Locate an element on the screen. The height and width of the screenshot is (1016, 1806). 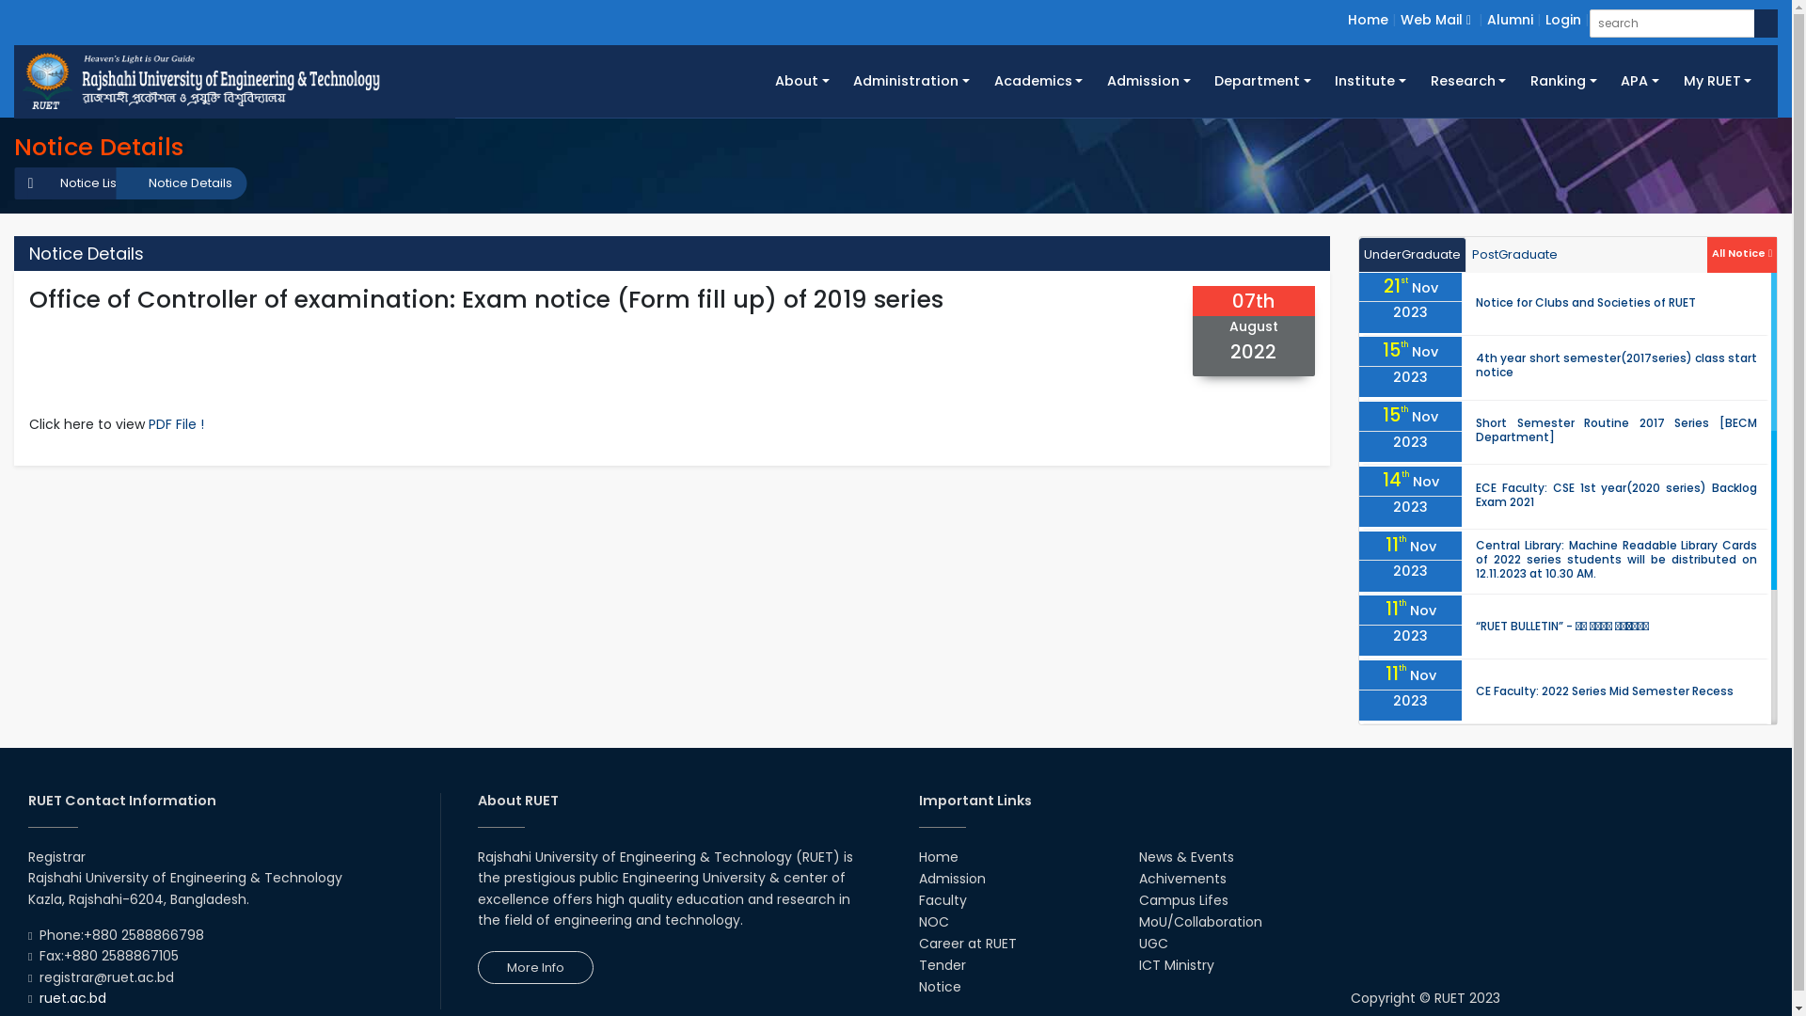
'Notice Details' is located at coordinates (181, 183).